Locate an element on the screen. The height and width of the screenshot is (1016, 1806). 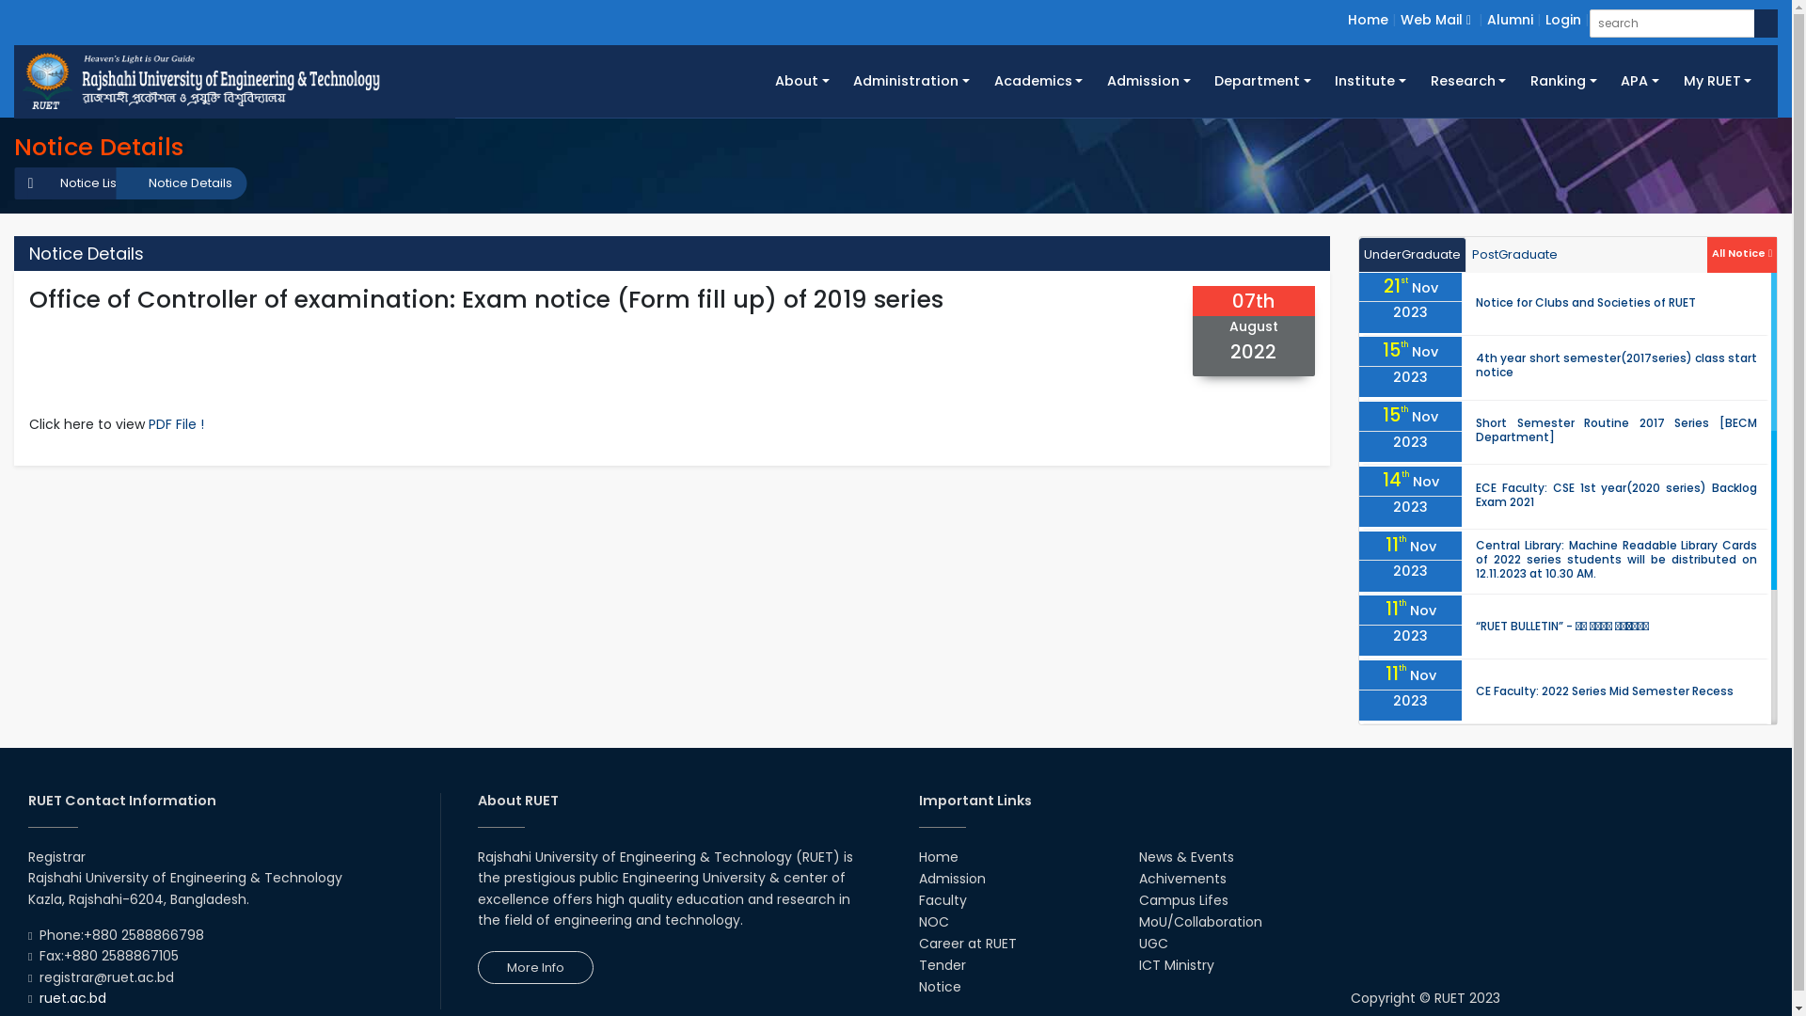
'Notice Details' is located at coordinates (181, 183).